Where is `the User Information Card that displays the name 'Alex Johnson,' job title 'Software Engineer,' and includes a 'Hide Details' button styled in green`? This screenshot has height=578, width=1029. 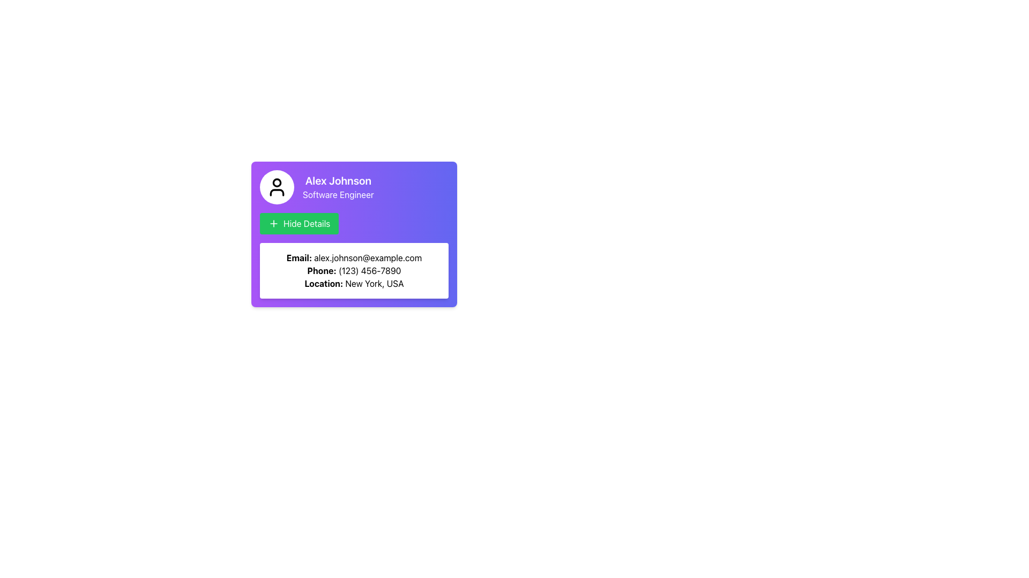
the User Information Card that displays the name 'Alex Johnson,' job title 'Software Engineer,' and includes a 'Hide Details' button styled in green is located at coordinates (367, 231).